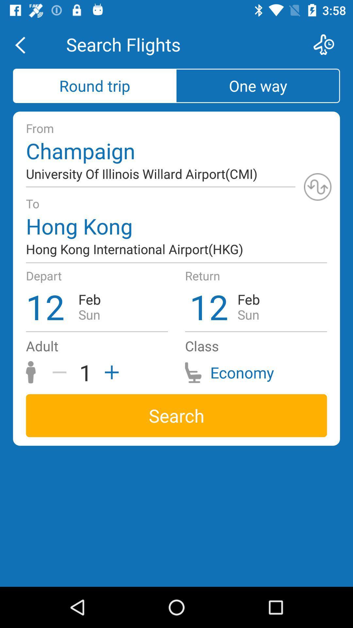  What do you see at coordinates (62, 372) in the screenshot?
I see `the minus icon` at bounding box center [62, 372].